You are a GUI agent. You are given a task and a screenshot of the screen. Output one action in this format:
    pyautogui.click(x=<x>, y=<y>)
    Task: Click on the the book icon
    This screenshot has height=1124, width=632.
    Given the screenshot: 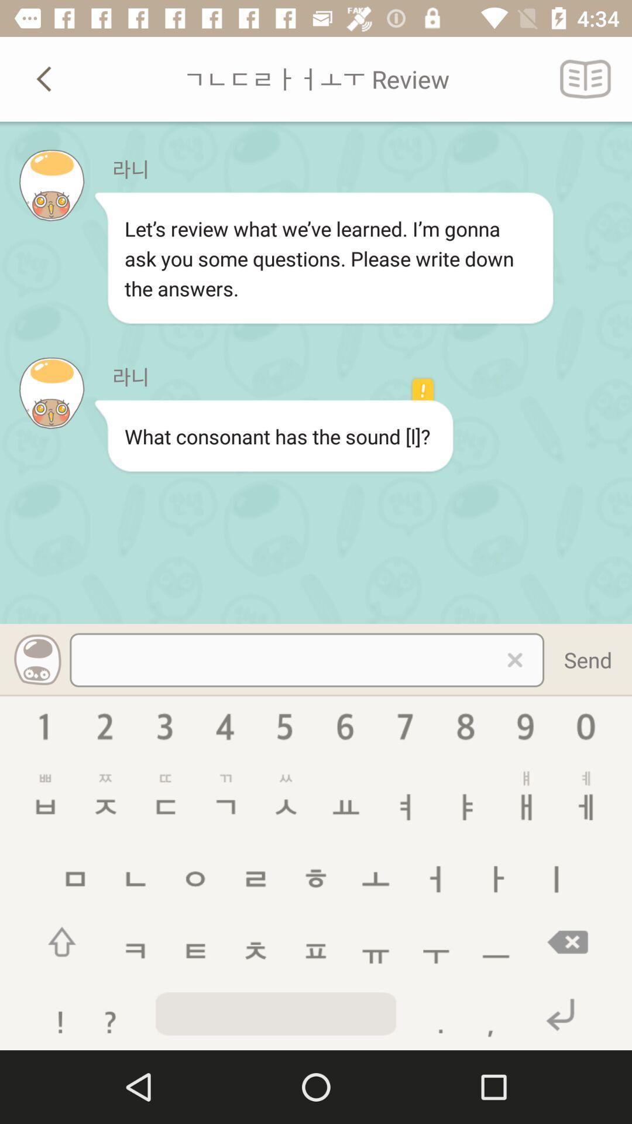 What is the action you would take?
    pyautogui.click(x=586, y=78)
    